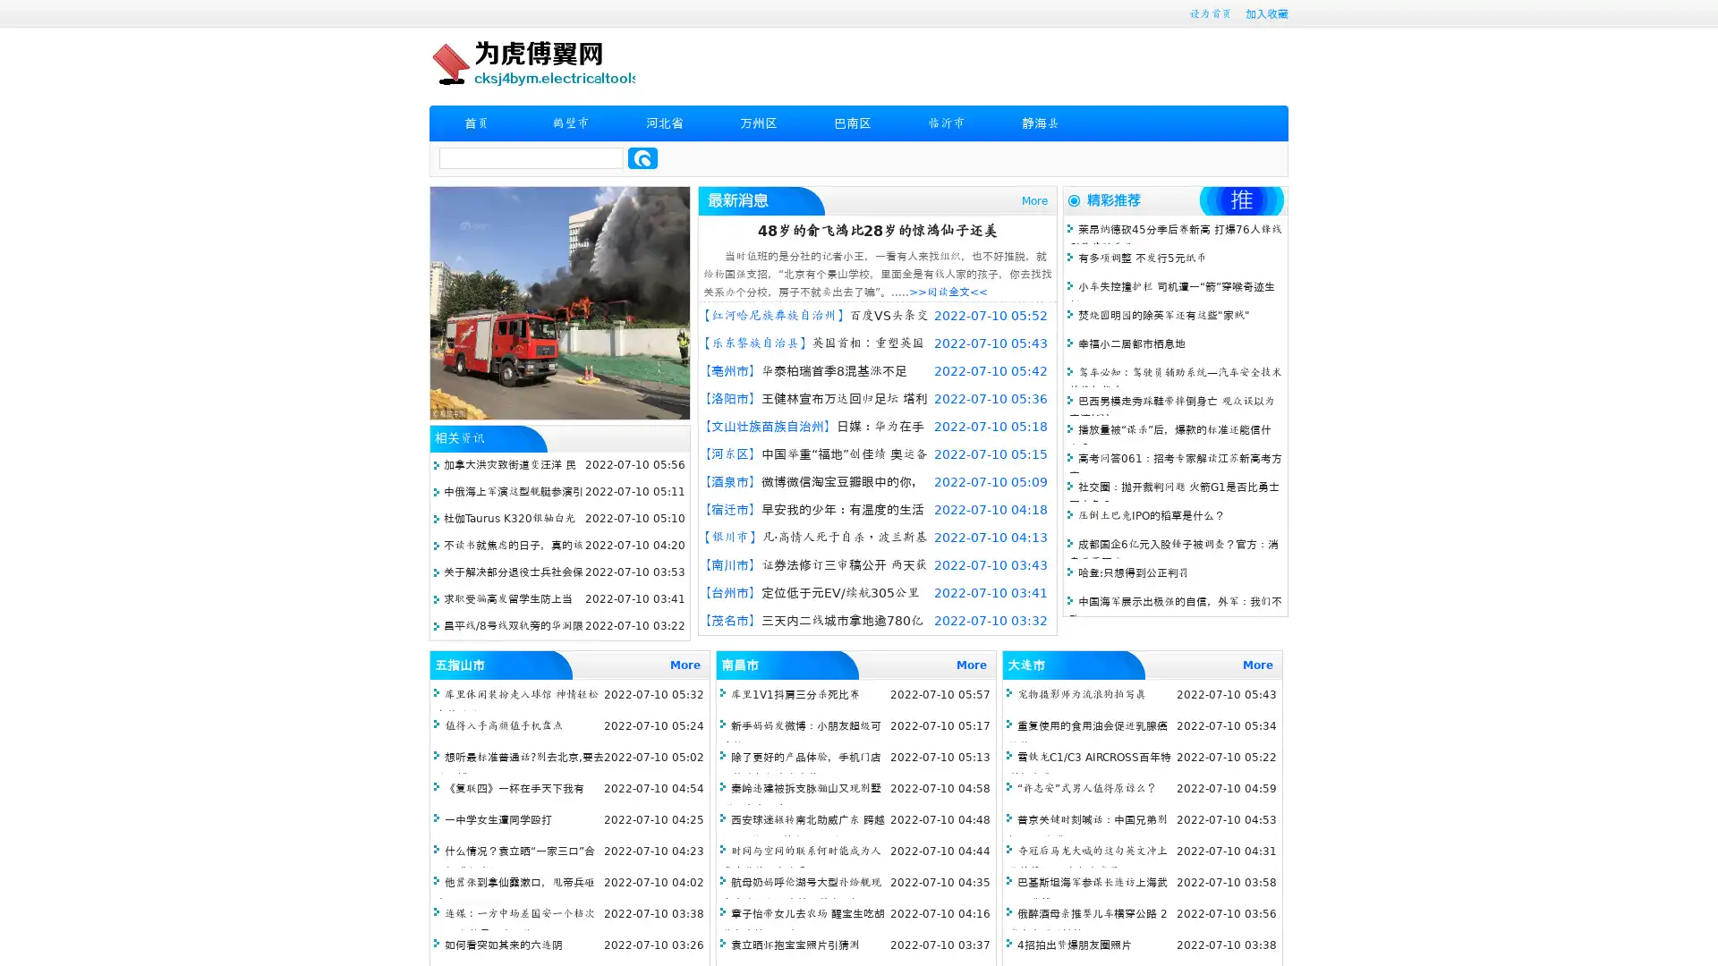 The width and height of the screenshot is (1718, 966). I want to click on Search, so click(642, 157).